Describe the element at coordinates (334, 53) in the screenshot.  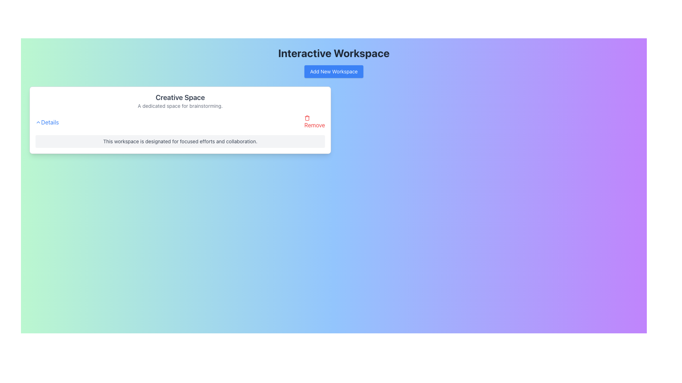
I see `the bold, large-sized static text reading 'Interactive Workspace', which is styled in dark gray and positioned at the top of the page, centered above the 'Add New Workspace' button` at that location.